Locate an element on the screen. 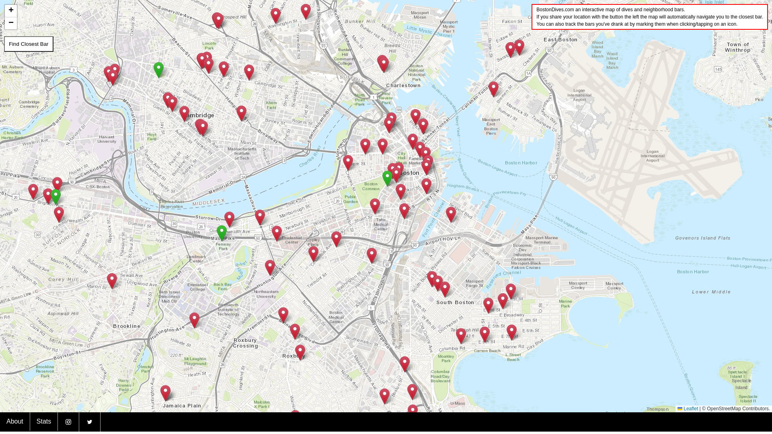  'Stats' is located at coordinates (30, 421).